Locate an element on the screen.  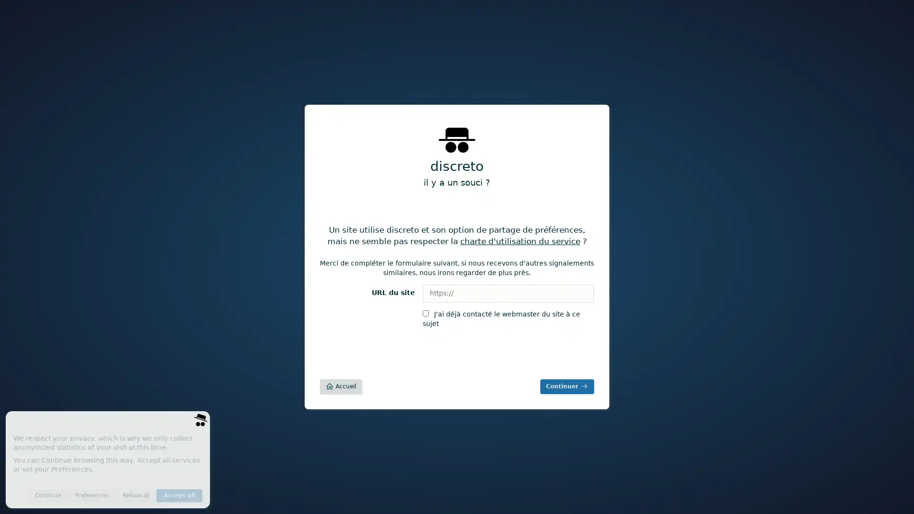
Refuse all is located at coordinates (136, 495).